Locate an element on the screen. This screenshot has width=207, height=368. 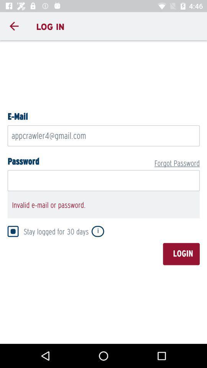
grassland is located at coordinates (103, 191).